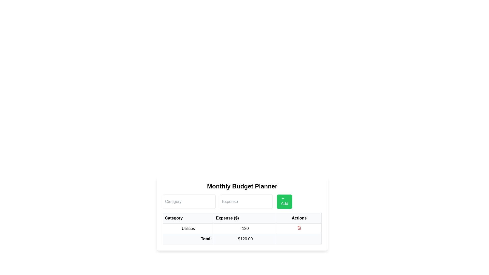  I want to click on the red trash bin icon under the 'Actions' column in the 'Utilities' row, so click(299, 228).